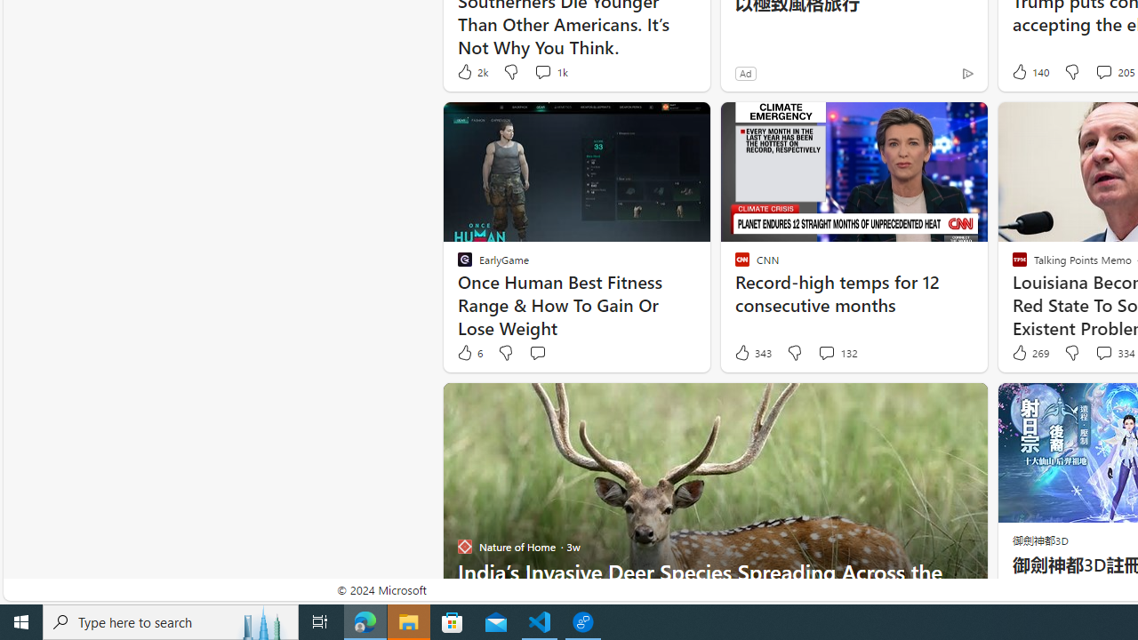 The height and width of the screenshot is (640, 1138). I want to click on 'View comments 1k Comment', so click(541, 71).